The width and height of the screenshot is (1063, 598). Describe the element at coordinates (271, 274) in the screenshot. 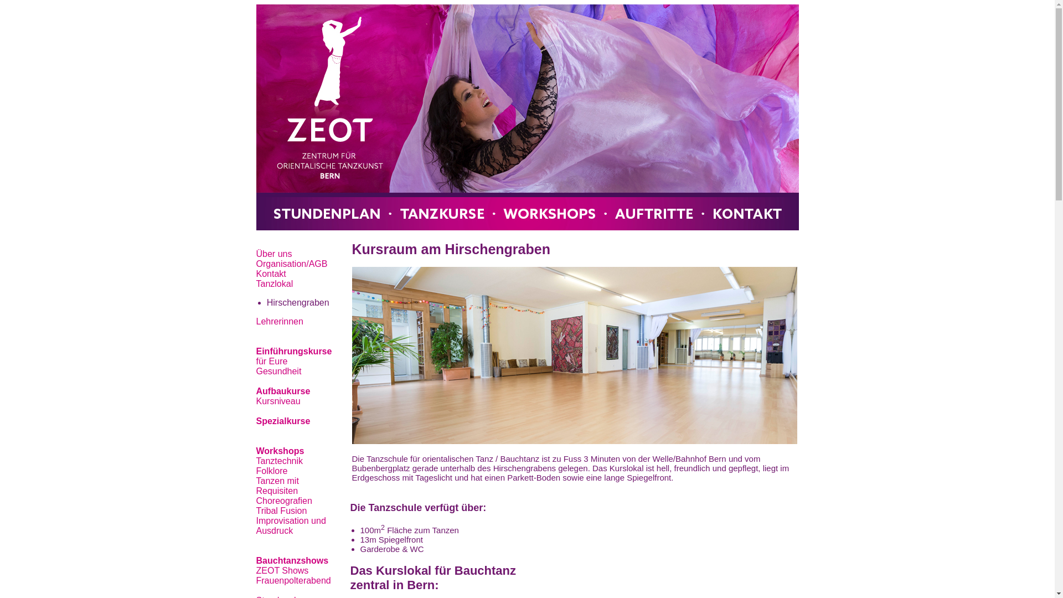

I see `'Kontakt'` at that location.